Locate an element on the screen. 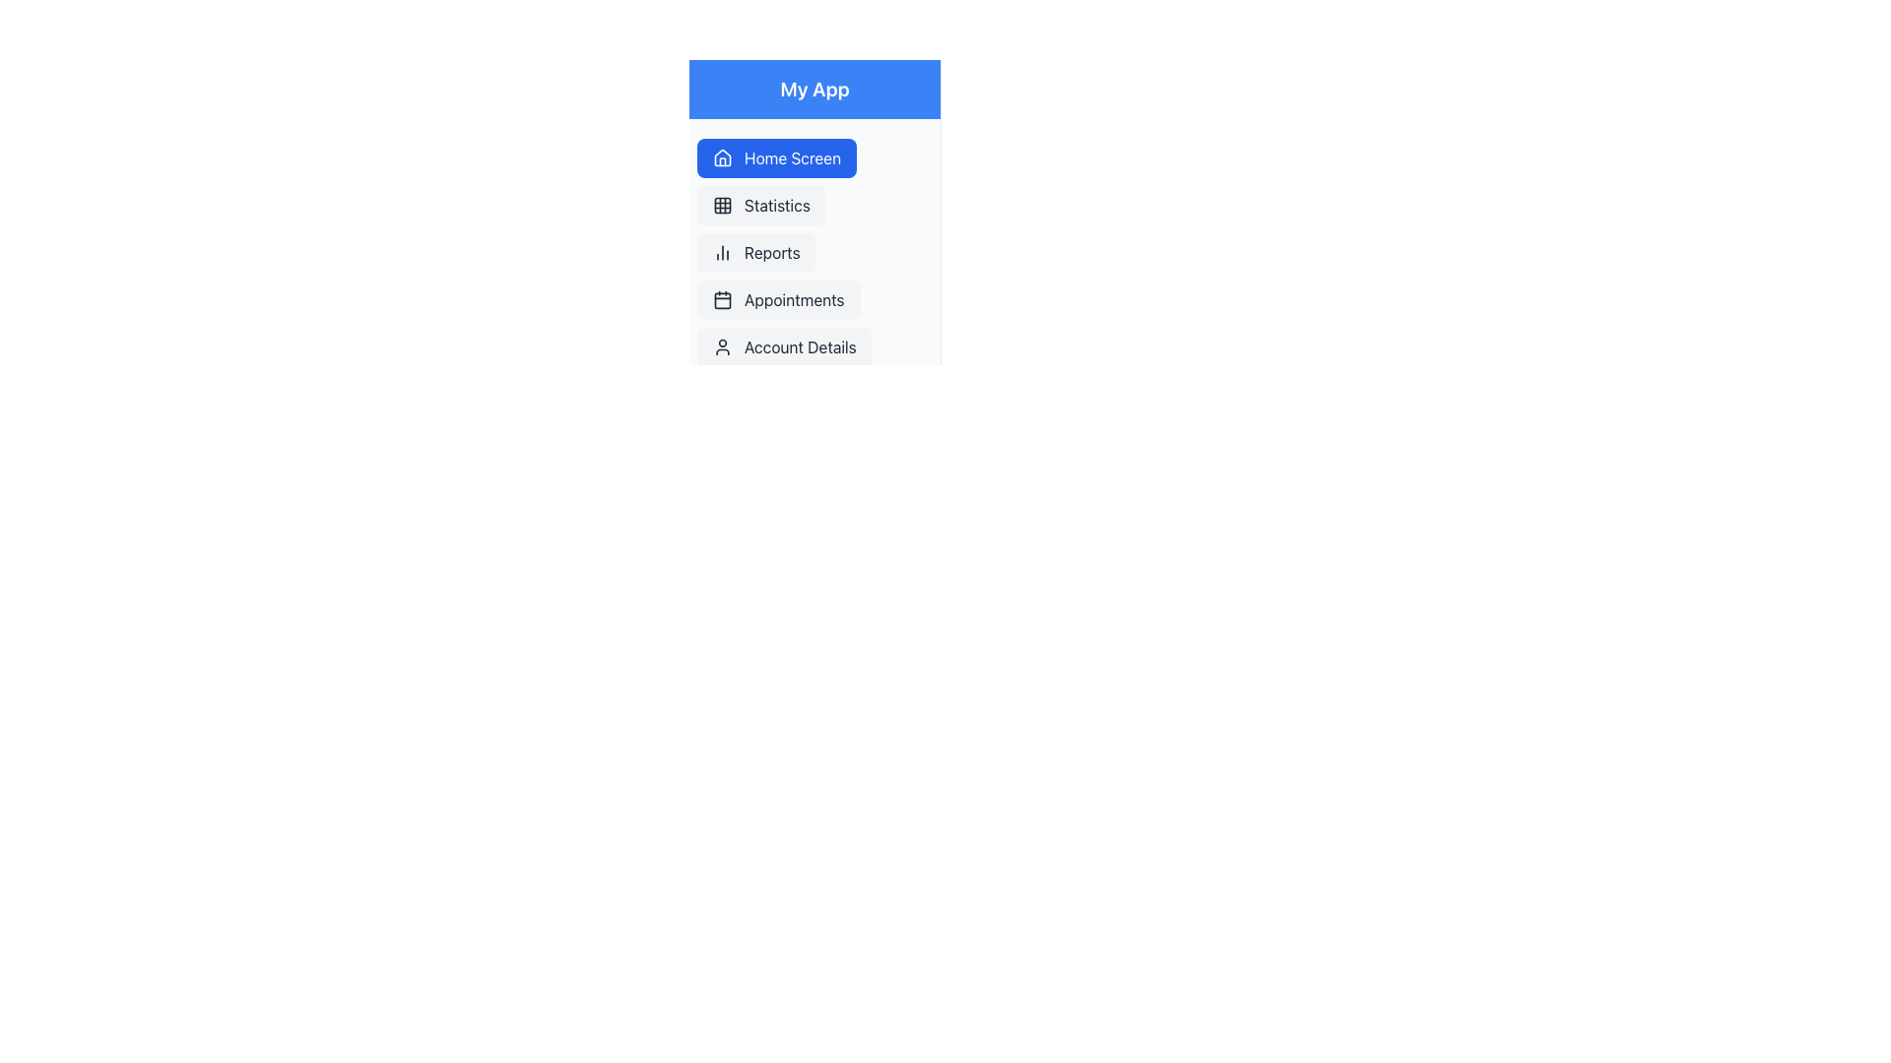 The image size is (1891, 1063). the 'Account Details' button, which is a rectangular button with rounded corners located in the sidebar is located at coordinates (783, 346).